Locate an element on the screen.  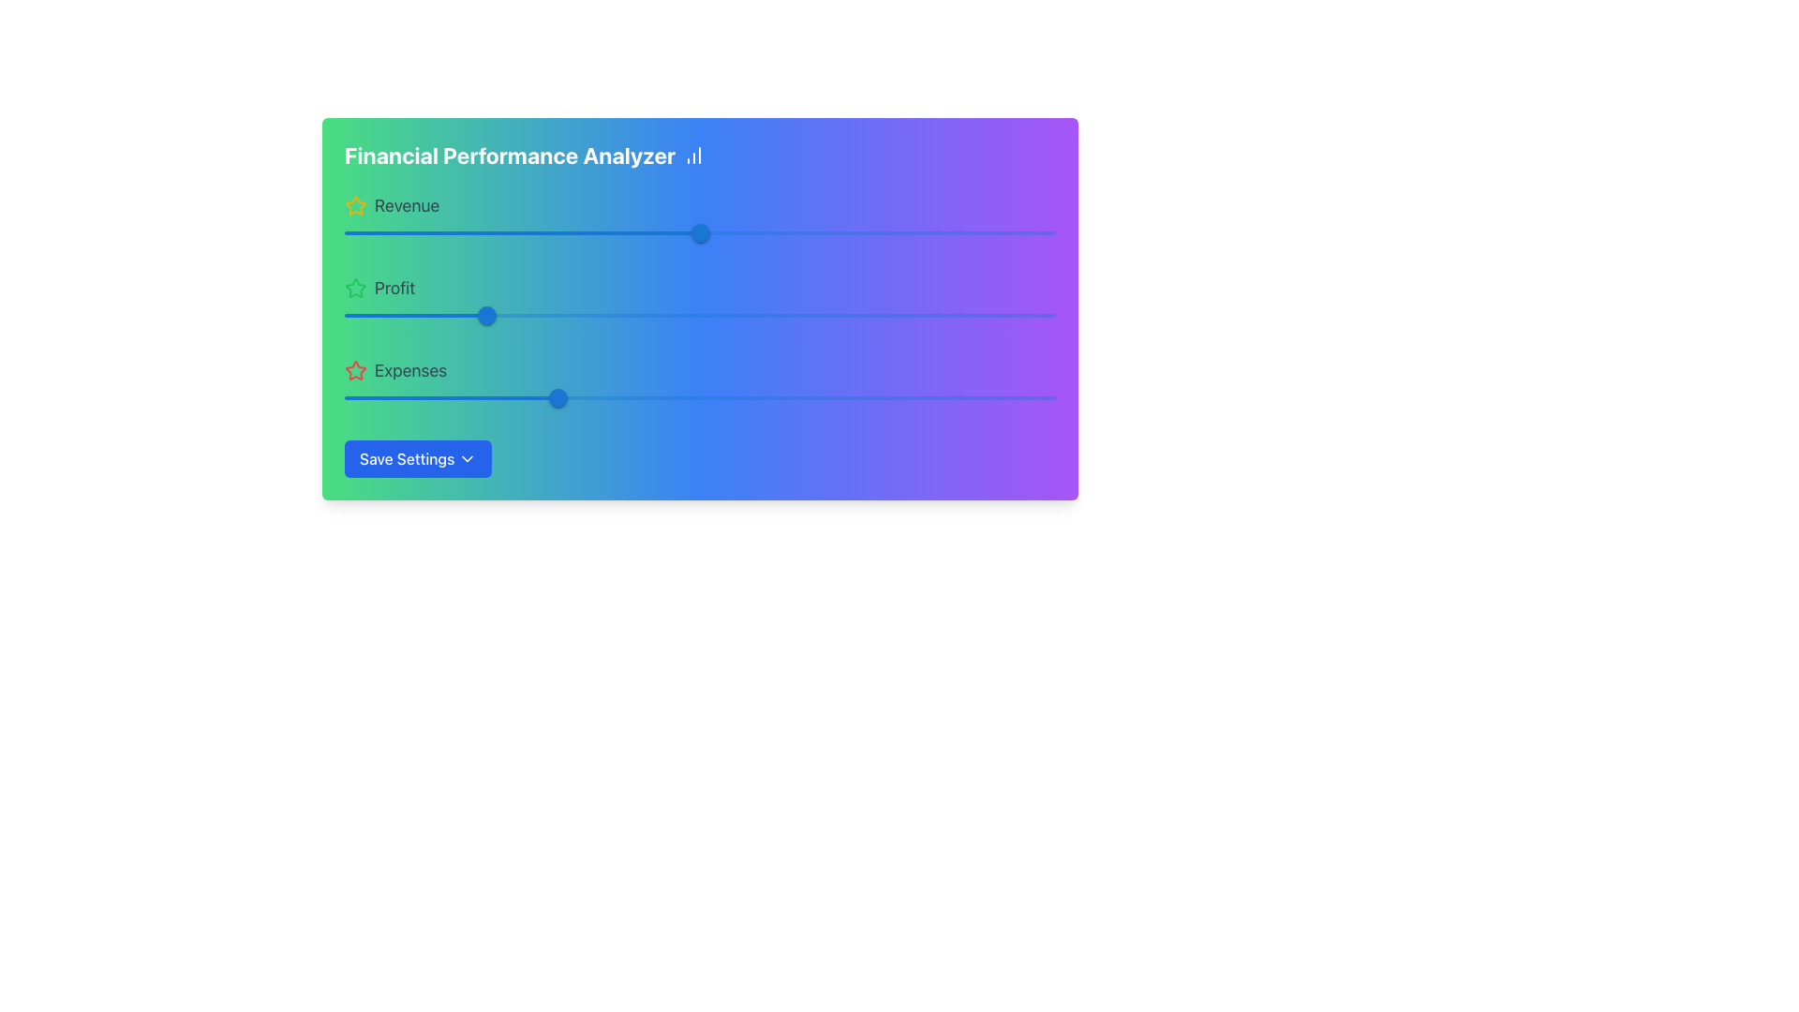
the slider value is located at coordinates (529, 396).